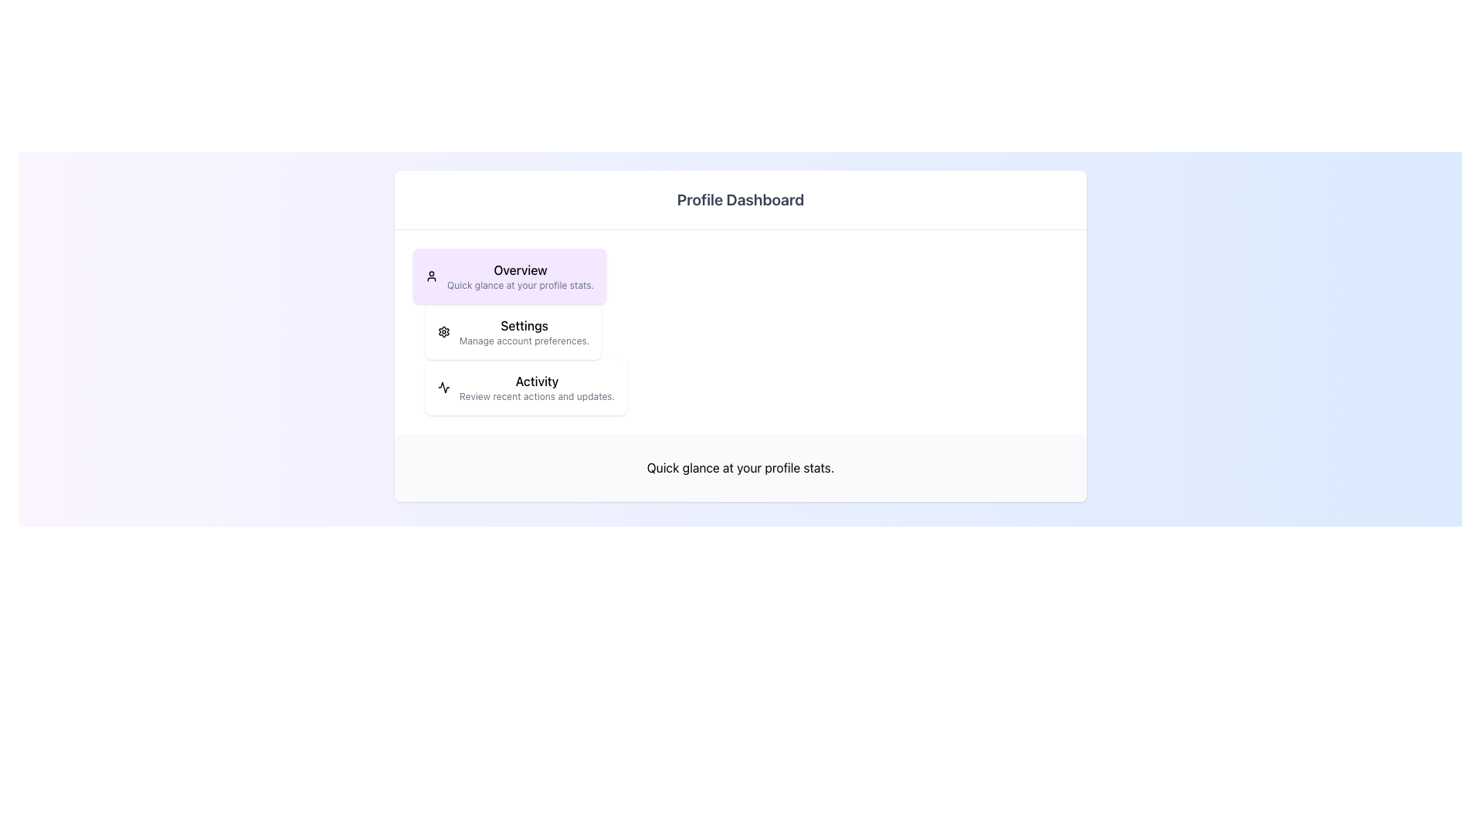 The width and height of the screenshot is (1483, 834). Describe the element at coordinates (431, 276) in the screenshot. I see `the user/profile avatar icon located at the top-left of the 'Overview' section in the profile management options` at that location.